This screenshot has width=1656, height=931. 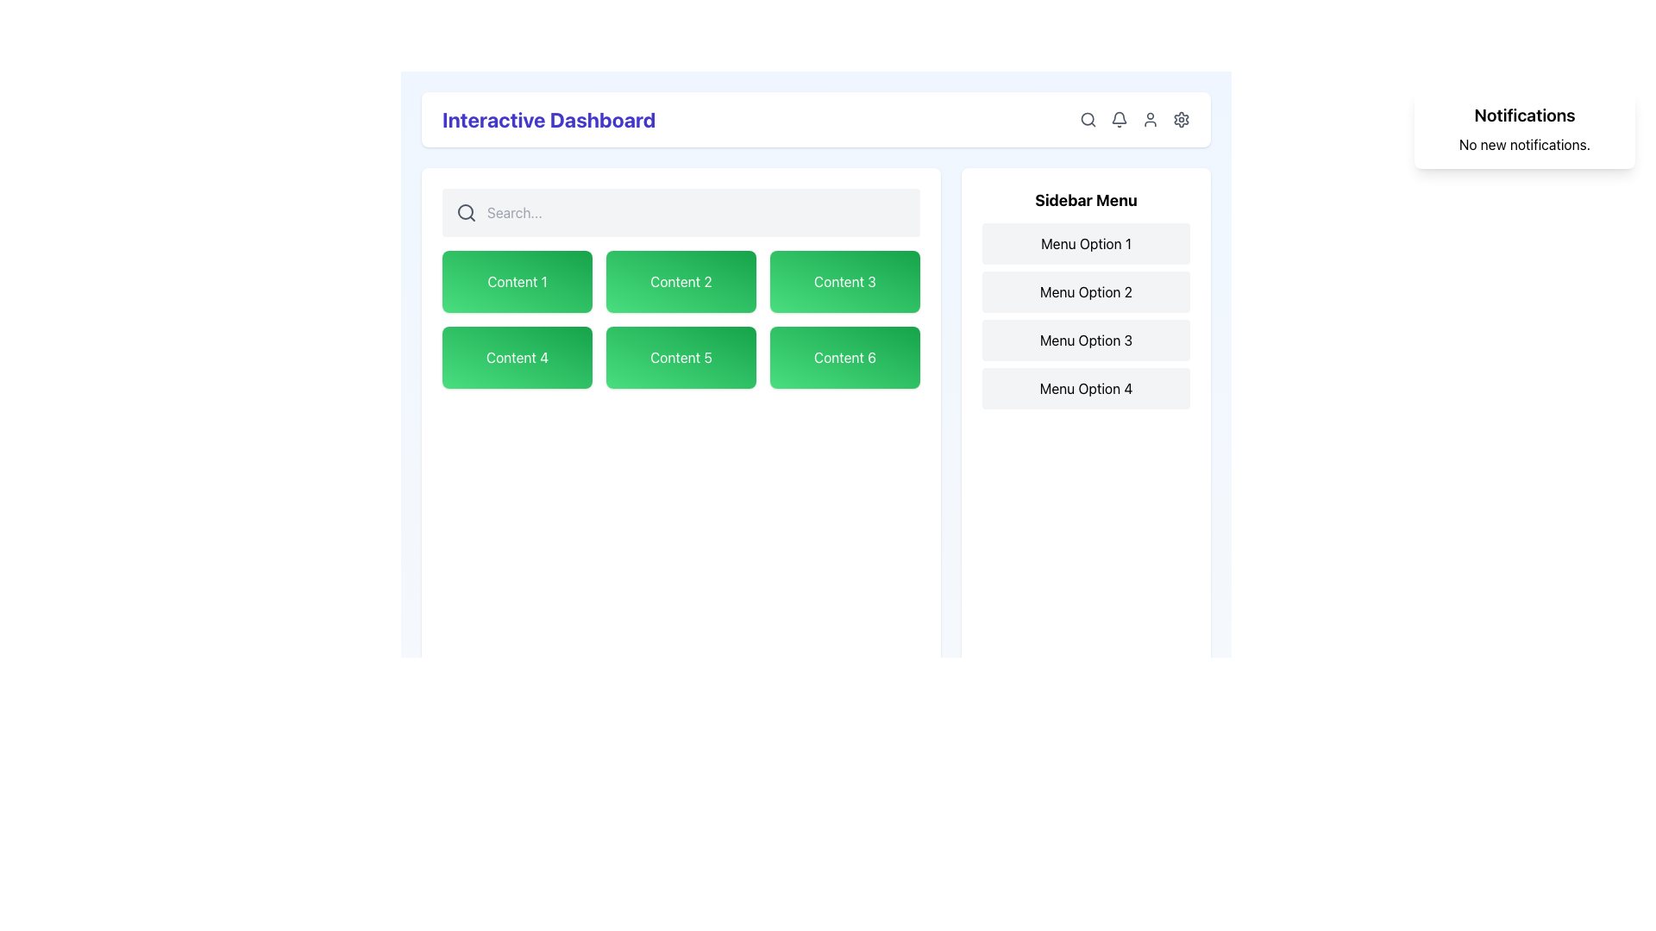 What do you see at coordinates (1088, 118) in the screenshot?
I see `the search icon button, which is the first icon in the top navigation bar represented by a magnifying glass, to initiate a search action` at bounding box center [1088, 118].